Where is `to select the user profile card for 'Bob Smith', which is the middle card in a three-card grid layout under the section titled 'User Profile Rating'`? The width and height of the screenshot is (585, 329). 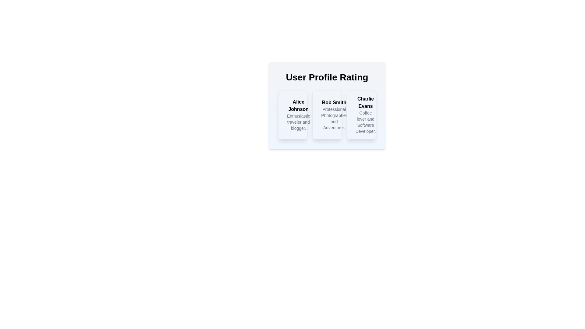
to select the user profile card for 'Bob Smith', which is the middle card in a three-card grid layout under the section titled 'User Profile Rating' is located at coordinates (327, 115).